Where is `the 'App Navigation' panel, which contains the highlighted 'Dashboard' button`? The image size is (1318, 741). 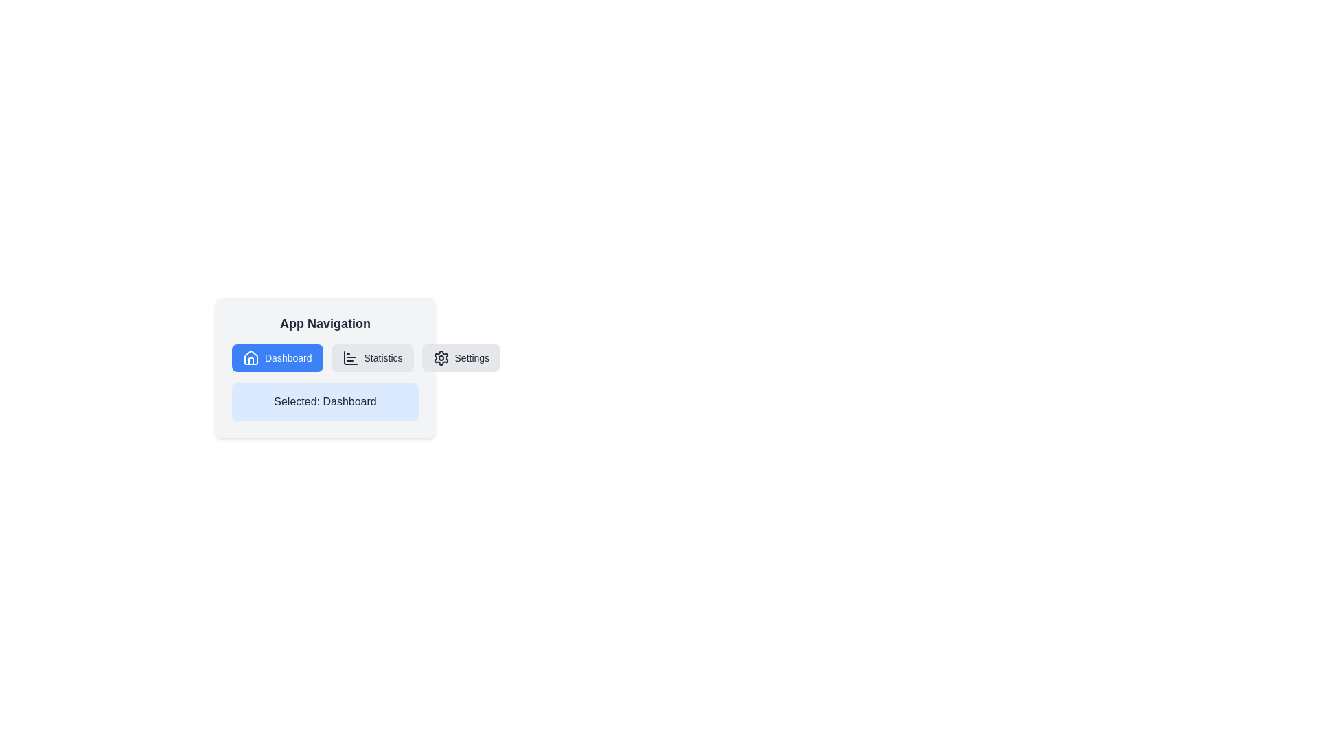 the 'App Navigation' panel, which contains the highlighted 'Dashboard' button is located at coordinates (325, 367).